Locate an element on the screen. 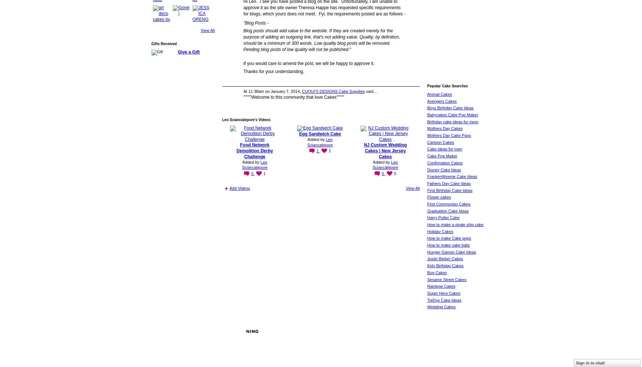 The image size is (642, 367). 'Popular Cake Searches' is located at coordinates (447, 85).